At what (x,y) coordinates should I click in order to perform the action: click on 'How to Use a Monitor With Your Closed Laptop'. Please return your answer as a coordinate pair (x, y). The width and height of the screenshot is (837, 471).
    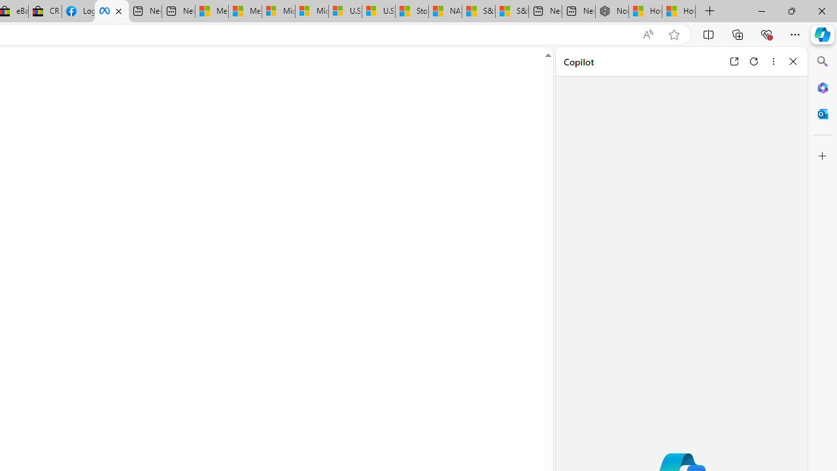
    Looking at the image, I should click on (679, 11).